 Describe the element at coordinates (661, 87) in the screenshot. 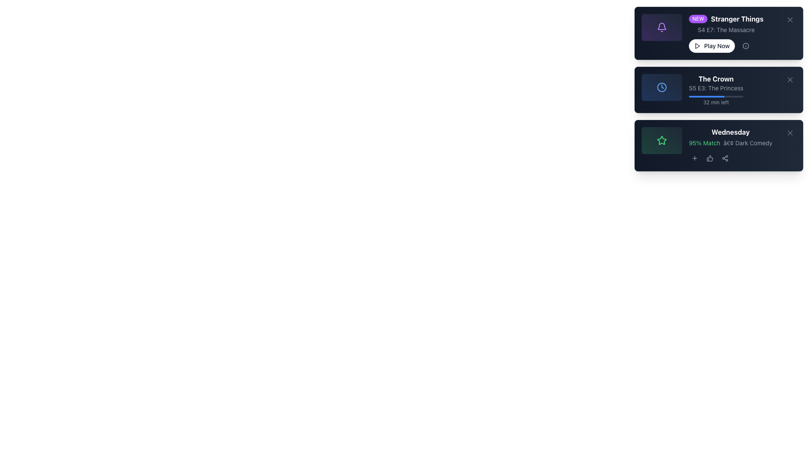

I see `the clock icon within the second notification card titled 'The Crown', which is located on the left side adjacent to the title and description text` at that location.